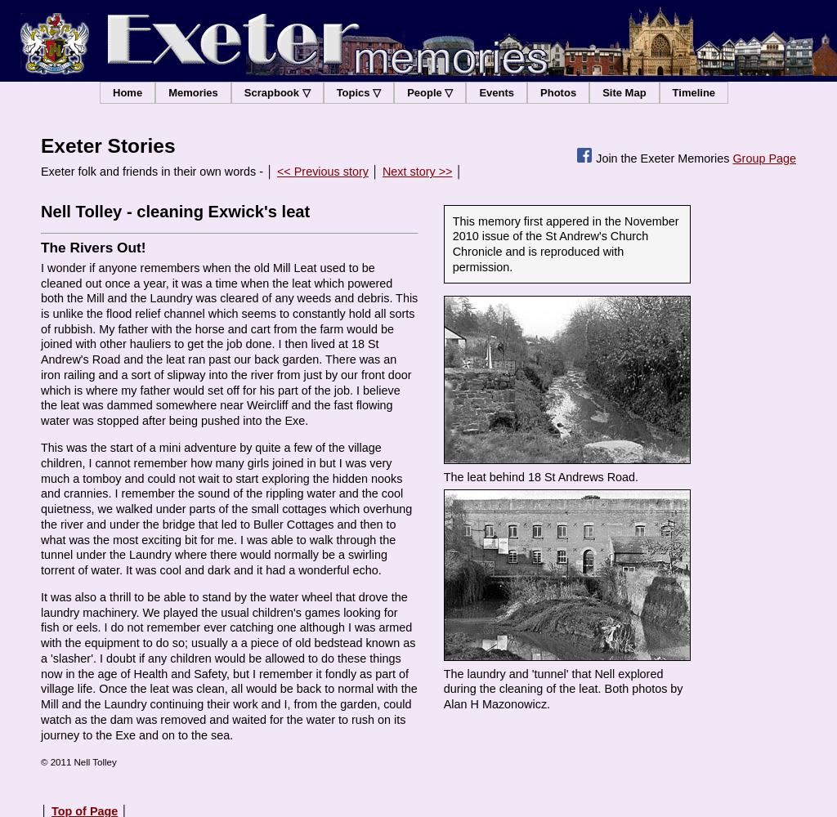  I want to click on 'The leat behind 18 St Andrews Road.', so click(539, 476).